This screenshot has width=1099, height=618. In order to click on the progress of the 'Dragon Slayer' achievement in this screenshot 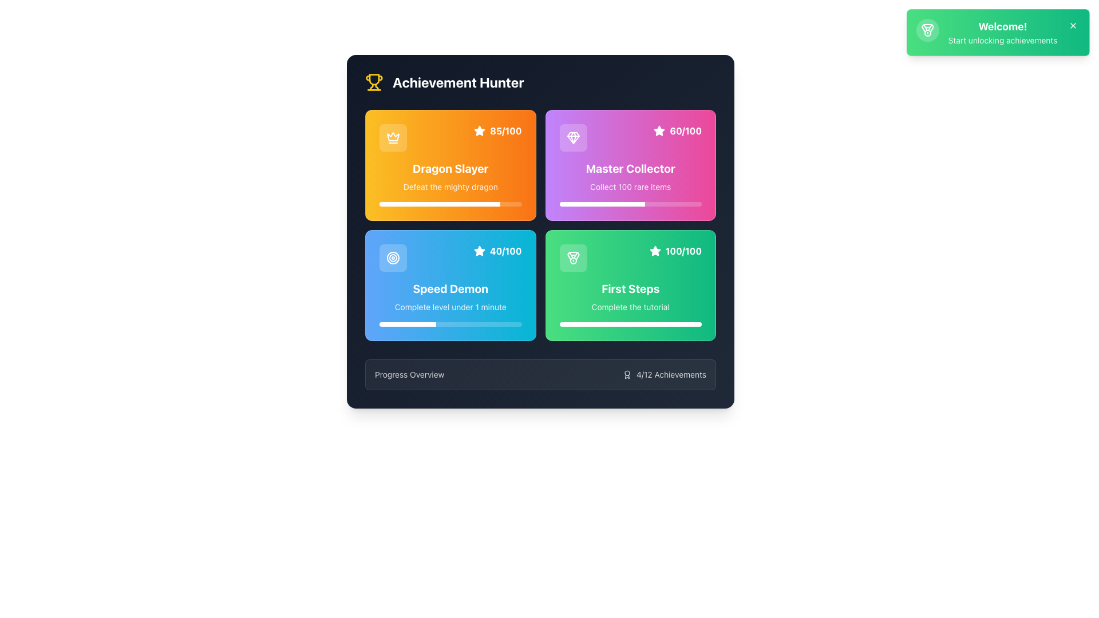, I will do `click(484, 204)`.